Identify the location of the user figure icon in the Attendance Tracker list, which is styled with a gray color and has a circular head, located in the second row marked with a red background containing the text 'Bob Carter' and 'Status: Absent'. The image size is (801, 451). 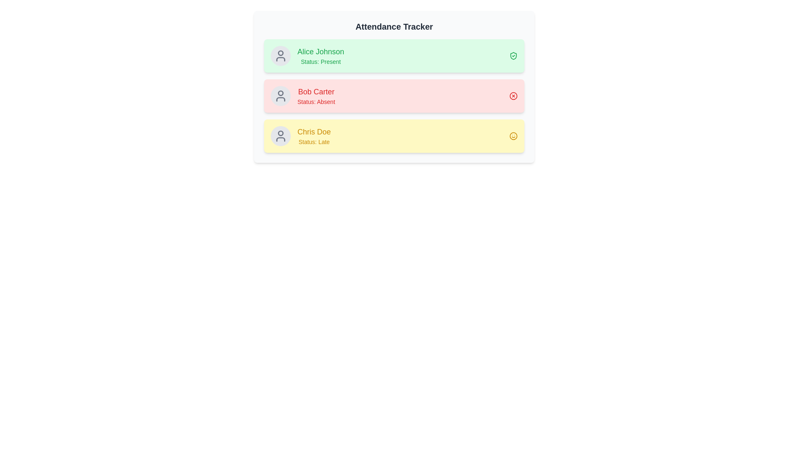
(280, 96).